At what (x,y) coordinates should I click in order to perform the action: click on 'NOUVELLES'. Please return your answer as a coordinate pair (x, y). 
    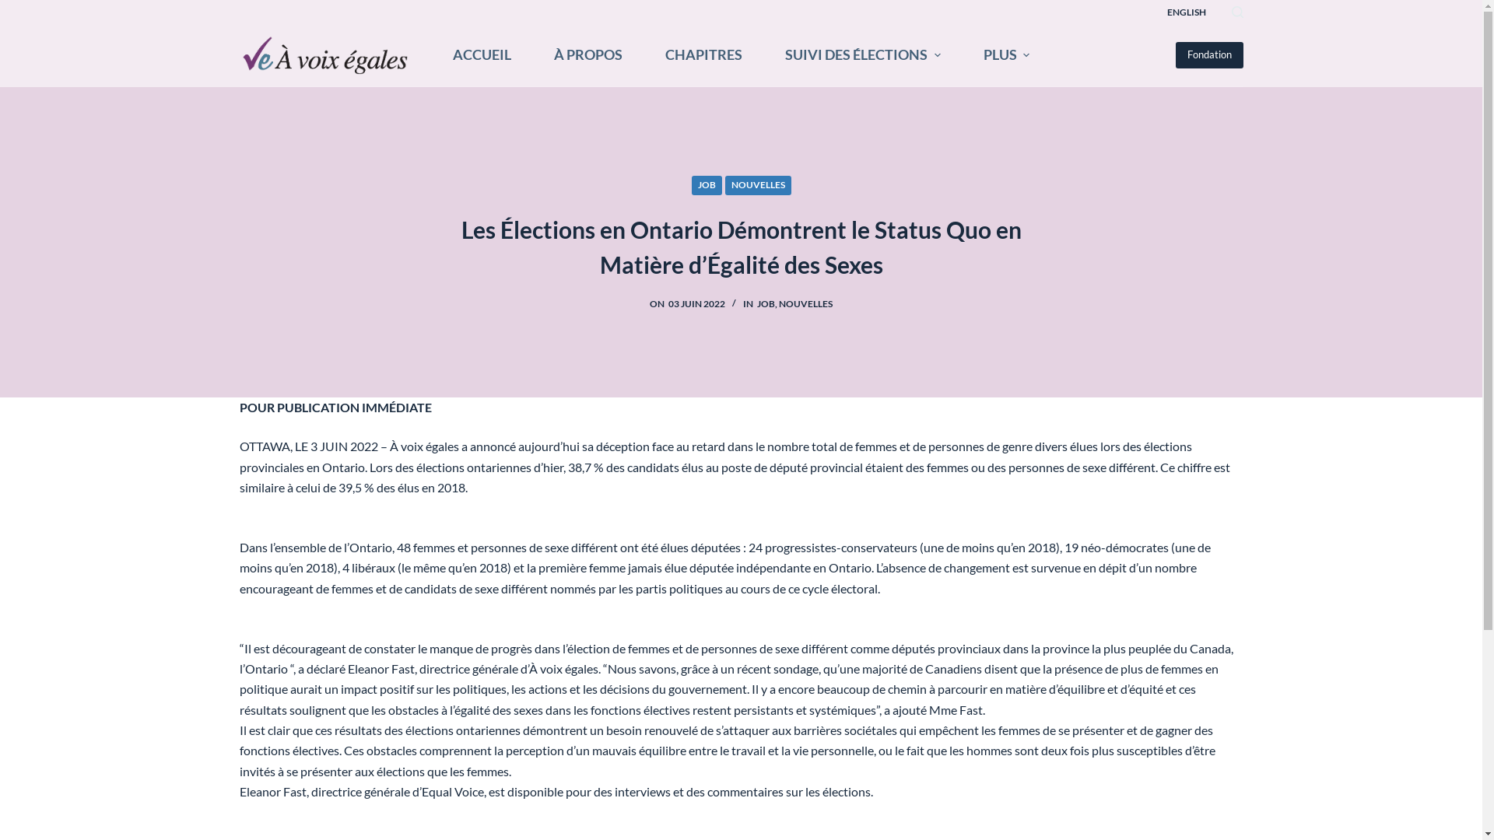
    Looking at the image, I should click on (758, 184).